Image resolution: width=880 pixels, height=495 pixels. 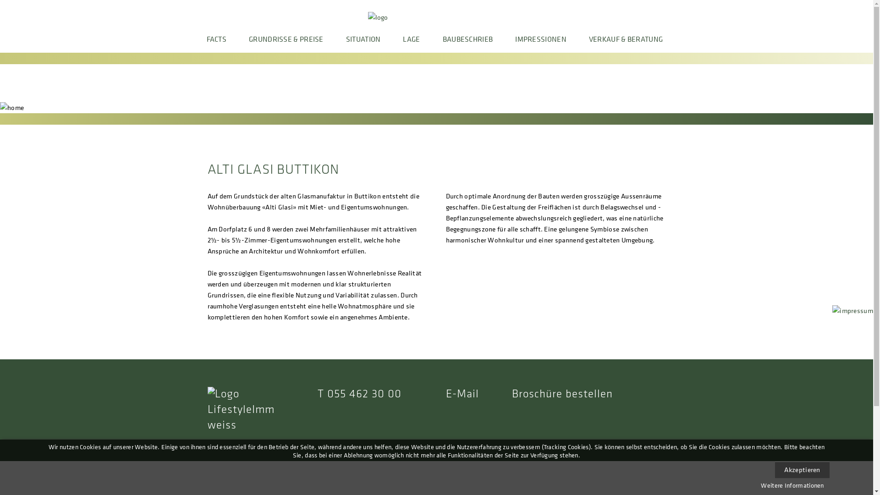 What do you see at coordinates (334, 44) in the screenshot?
I see `'SITUATION'` at bounding box center [334, 44].